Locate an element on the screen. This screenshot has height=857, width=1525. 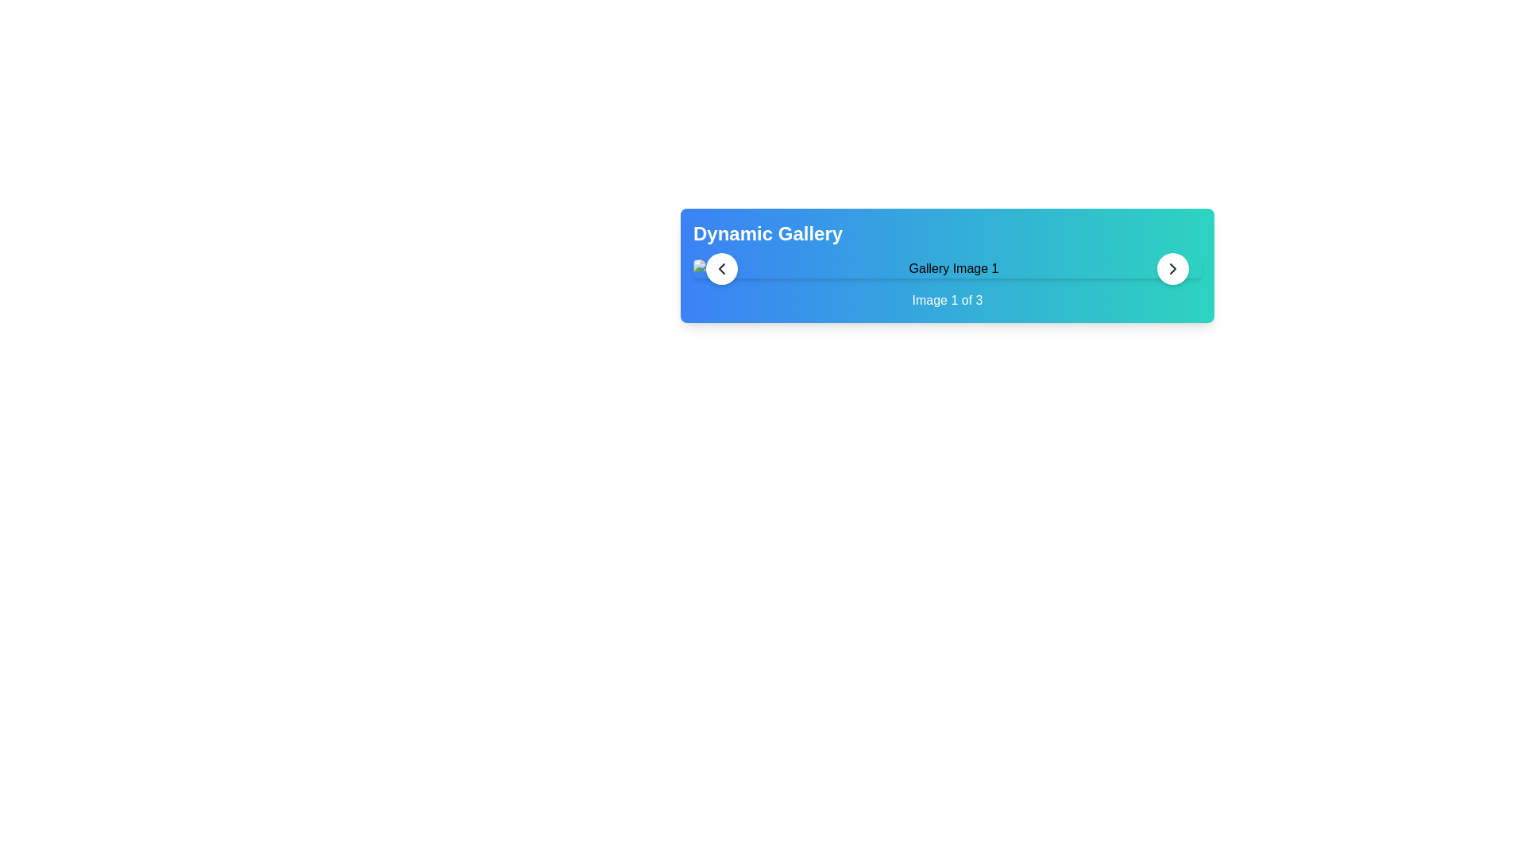
the circular button with a white background and a left-pointing chevron arrow icon is located at coordinates (720, 268).